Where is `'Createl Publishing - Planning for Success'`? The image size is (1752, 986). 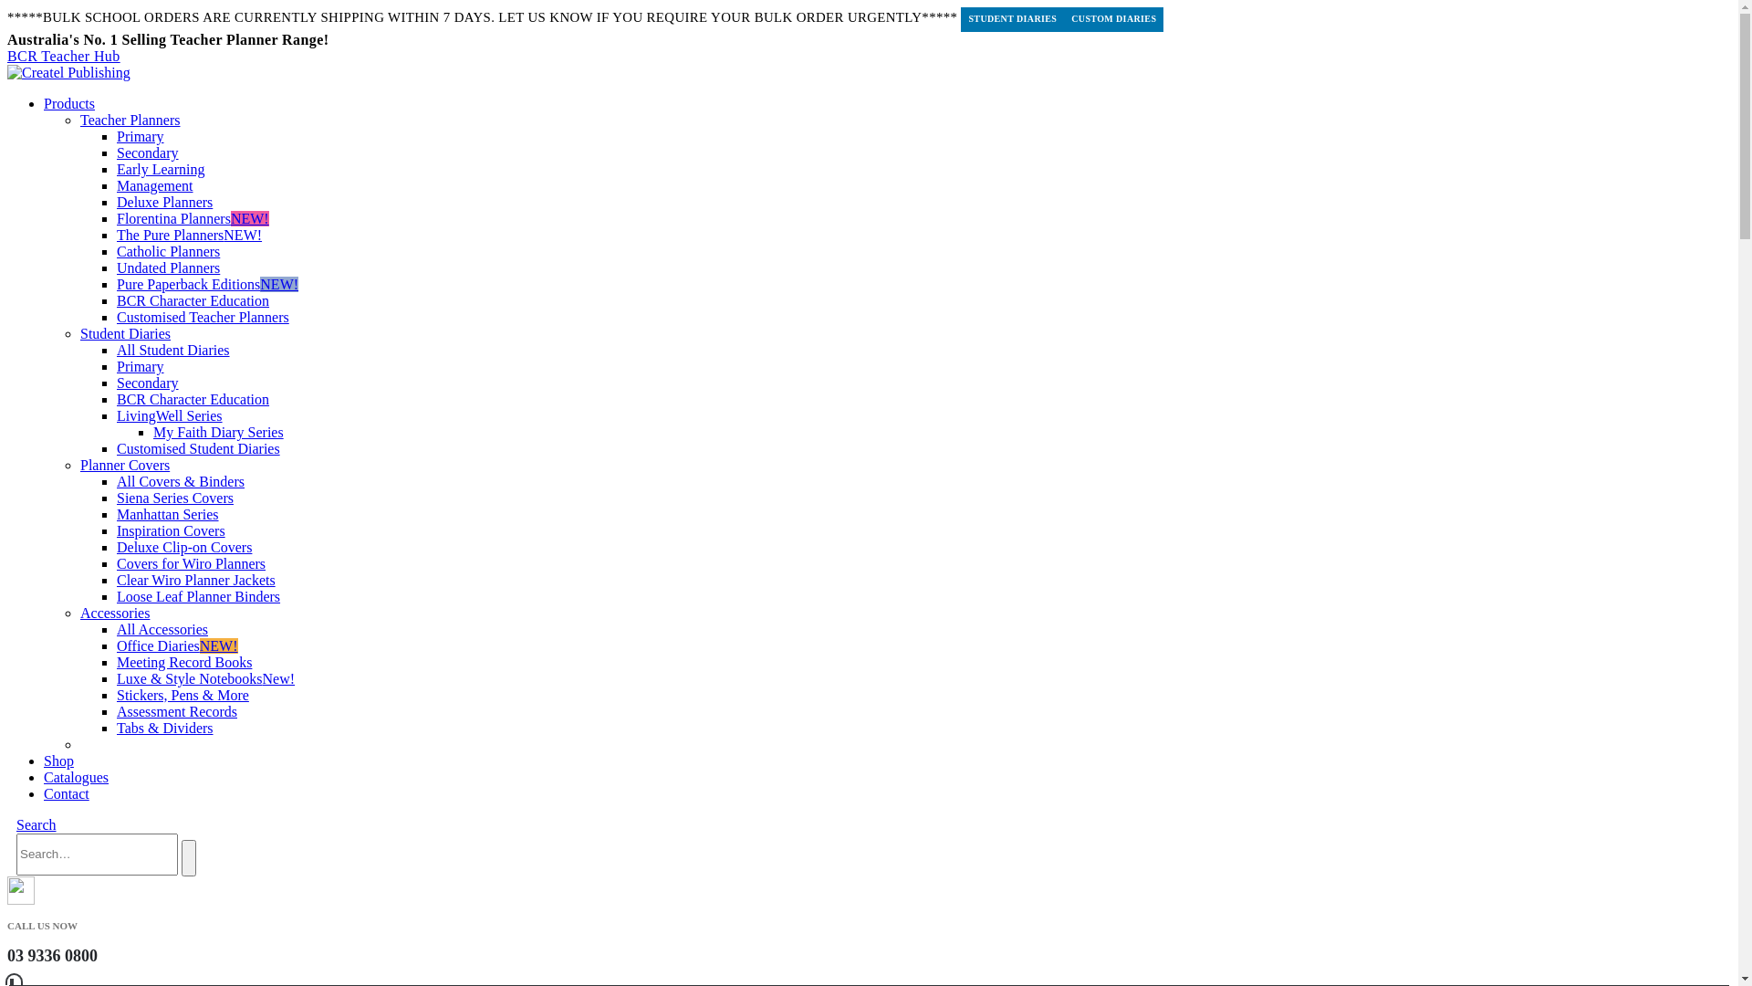 'Createl Publishing - Planning for Success' is located at coordinates (68, 71).